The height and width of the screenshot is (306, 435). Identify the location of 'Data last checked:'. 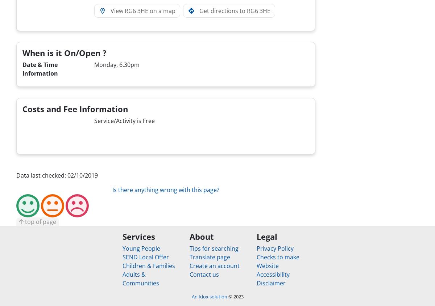
(16, 174).